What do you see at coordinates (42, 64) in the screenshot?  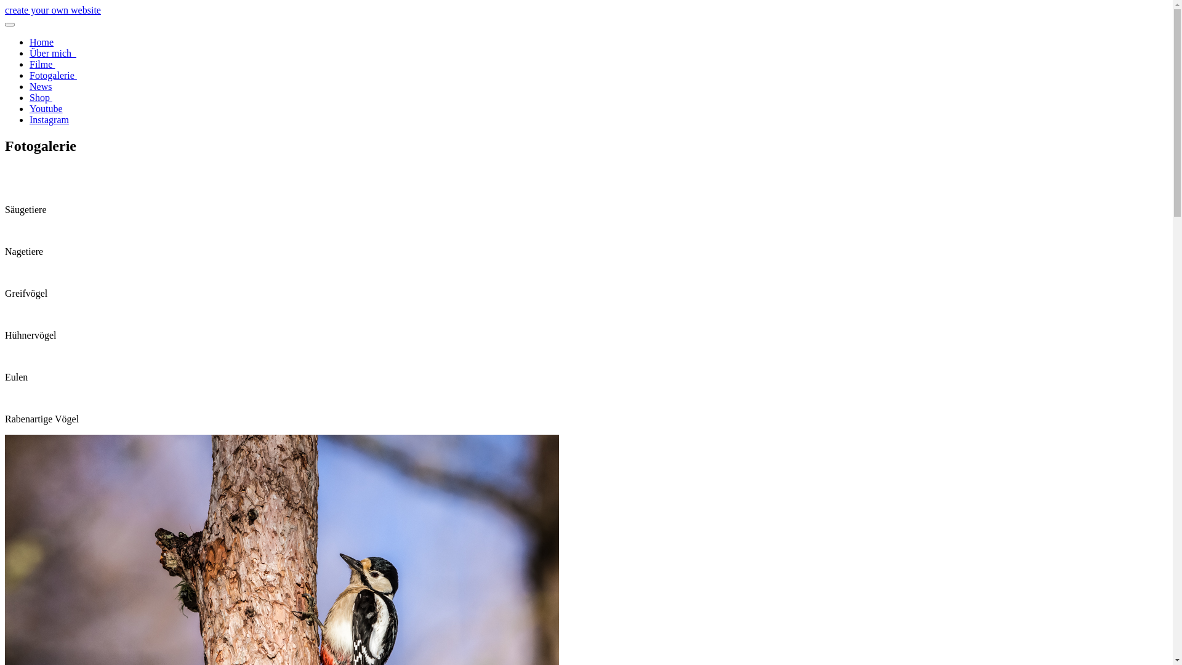 I see `'Filme '` at bounding box center [42, 64].